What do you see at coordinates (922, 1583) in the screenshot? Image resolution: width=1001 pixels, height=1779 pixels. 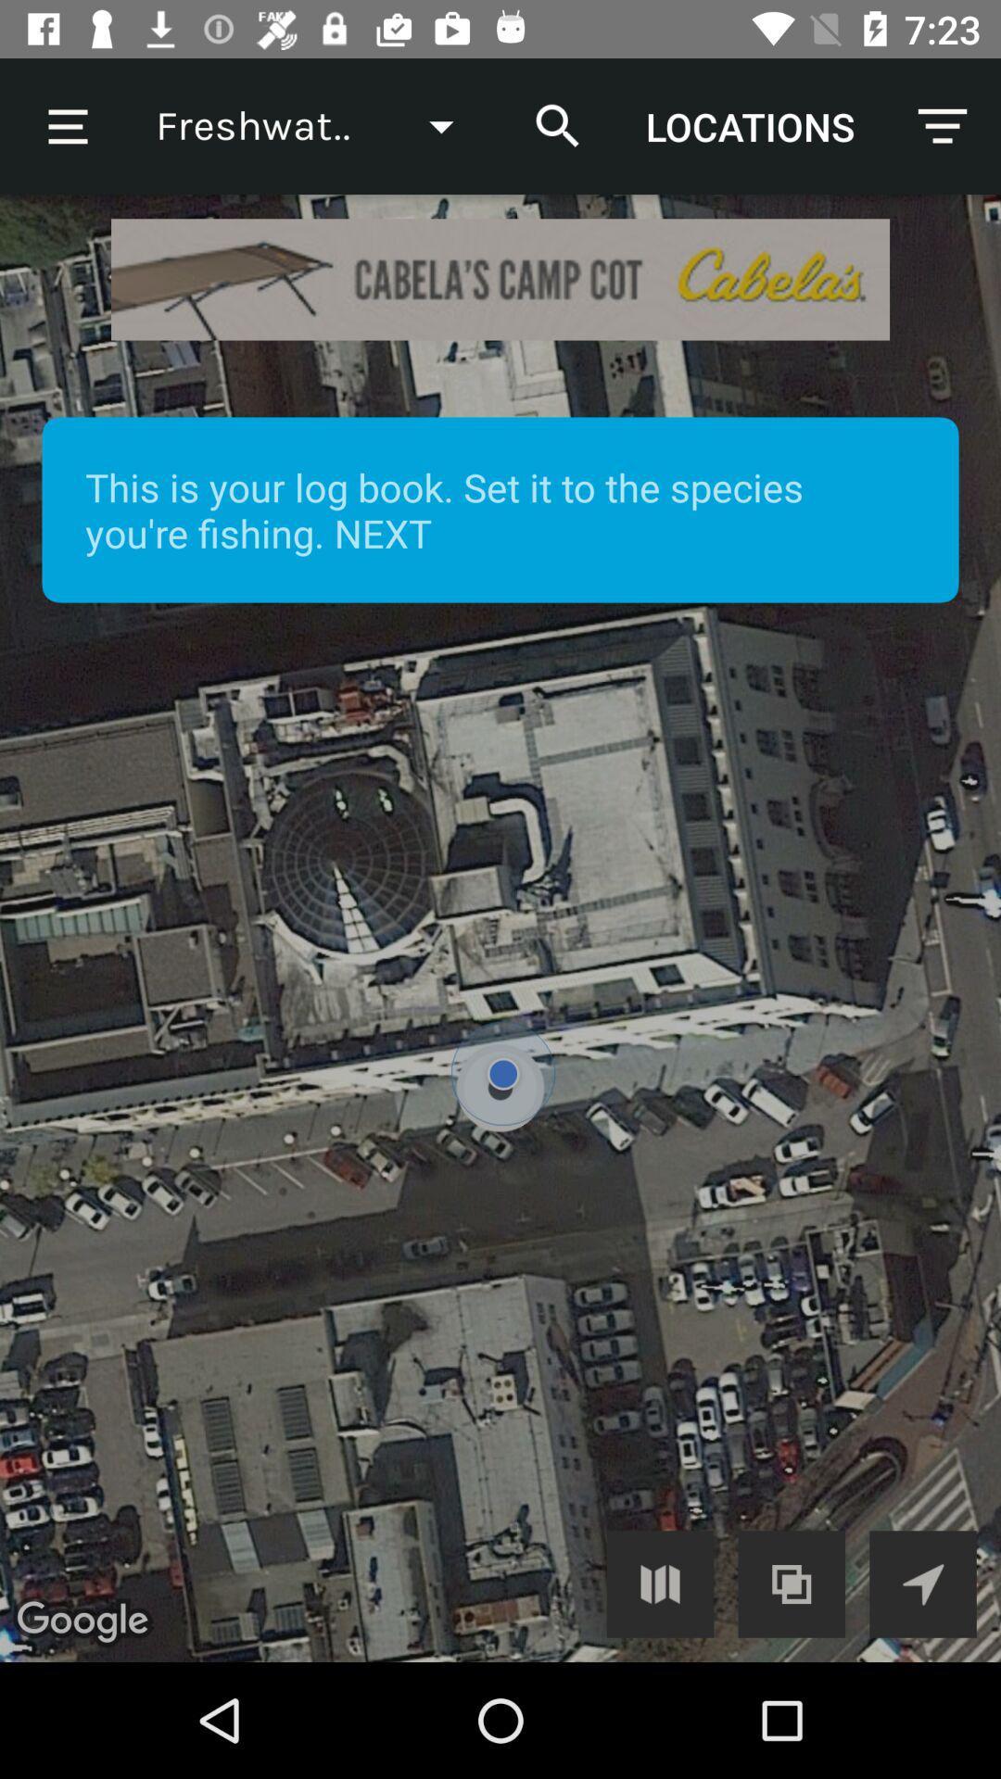 I see `navigation` at bounding box center [922, 1583].